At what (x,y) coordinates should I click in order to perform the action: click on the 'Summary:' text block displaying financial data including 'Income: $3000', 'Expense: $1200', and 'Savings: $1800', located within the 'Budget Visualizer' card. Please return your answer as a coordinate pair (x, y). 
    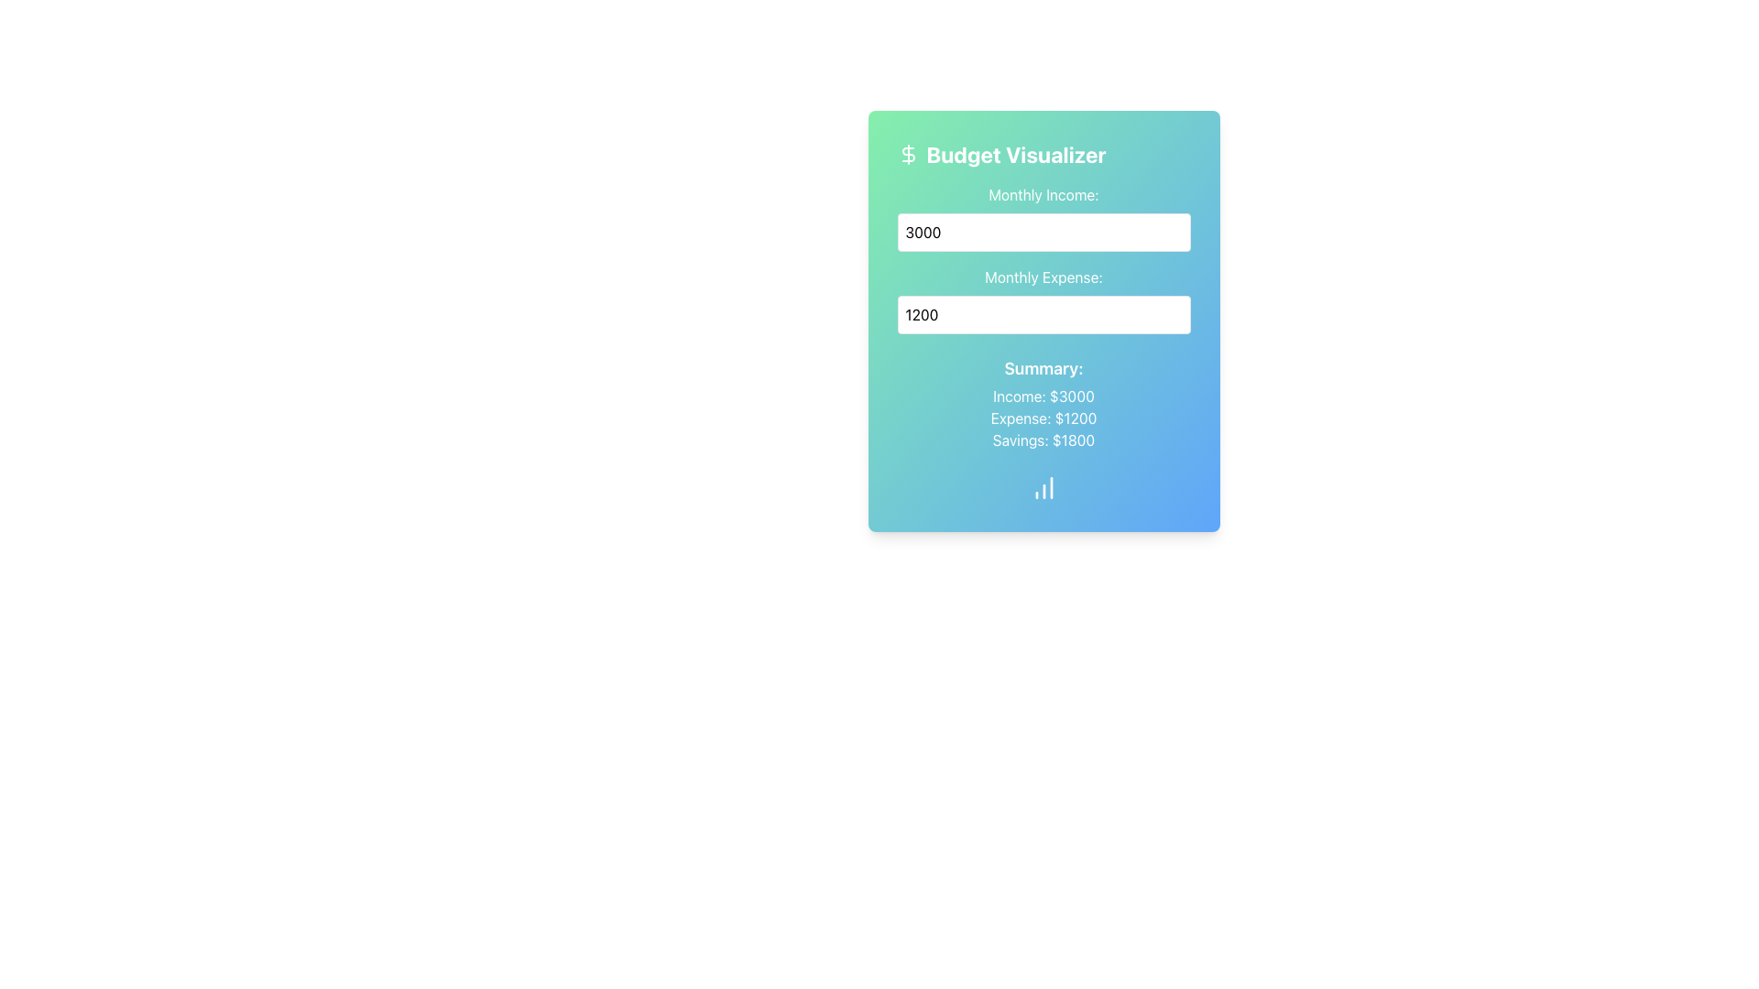
    Looking at the image, I should click on (1043, 402).